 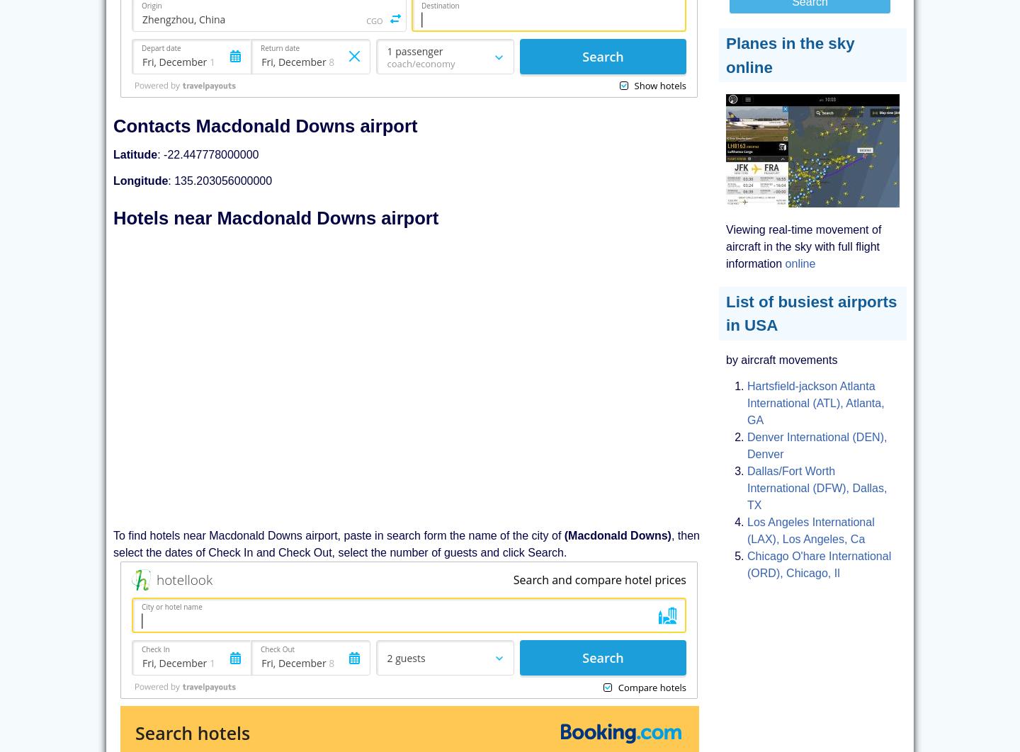 I want to click on 'CGO', so click(x=373, y=20).